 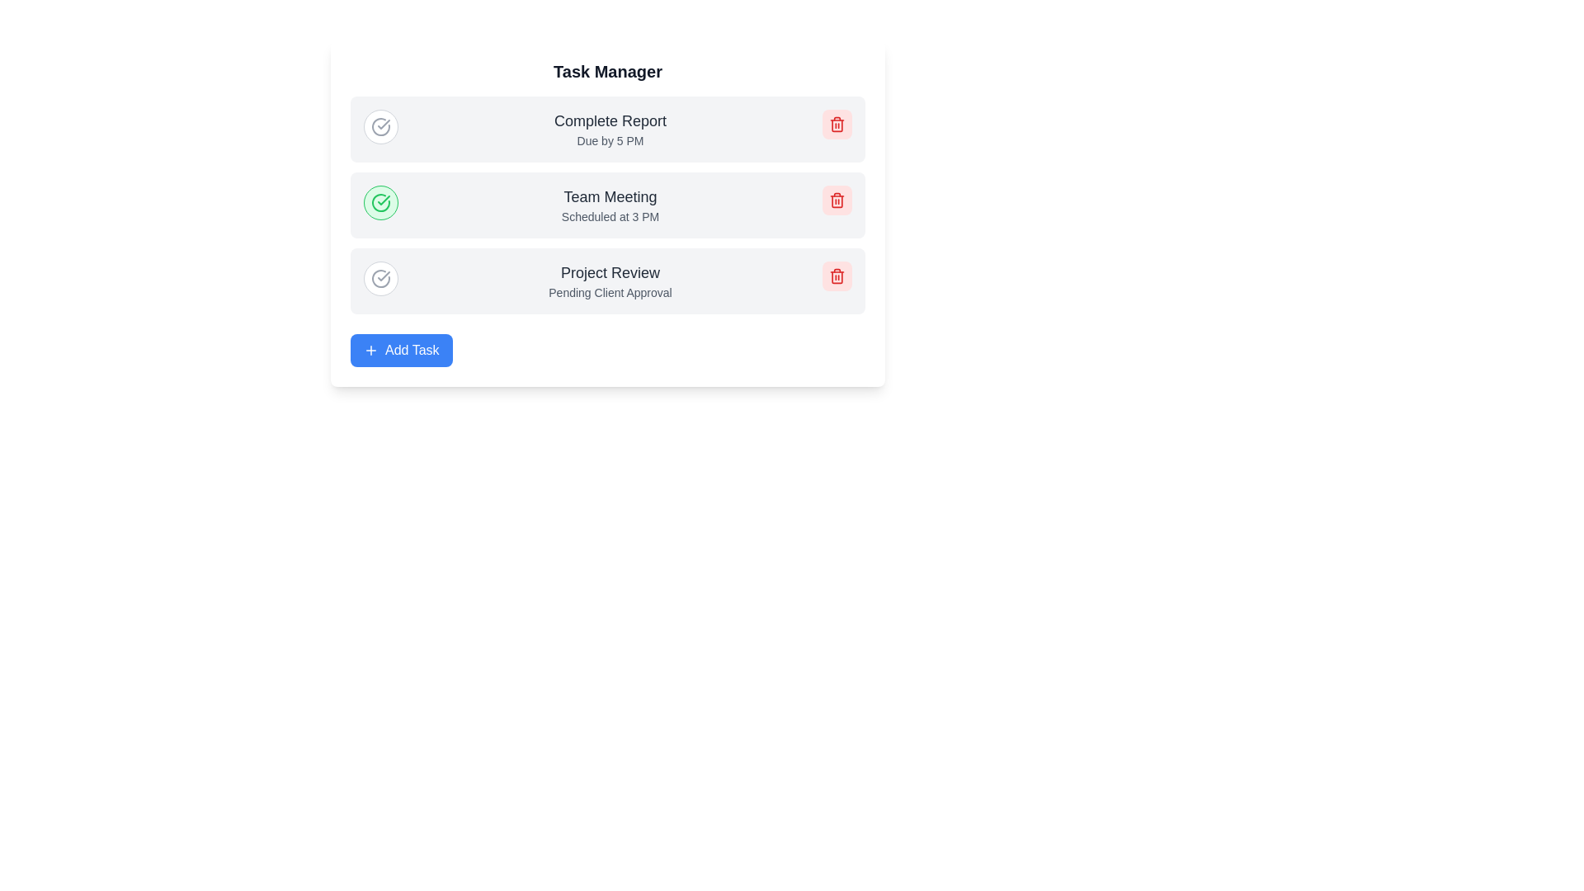 What do you see at coordinates (837, 124) in the screenshot?
I see `the main body of the trash can icon located in the right-side column of the task listing interface, aligned with the 'Complete Report' task` at bounding box center [837, 124].